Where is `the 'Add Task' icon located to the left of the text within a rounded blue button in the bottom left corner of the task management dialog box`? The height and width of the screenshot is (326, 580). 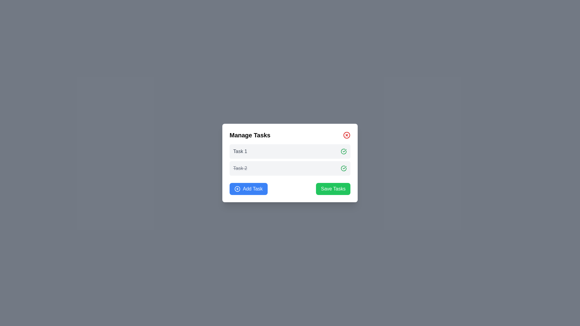 the 'Add Task' icon located to the left of the text within a rounded blue button in the bottom left corner of the task management dialog box is located at coordinates (237, 188).